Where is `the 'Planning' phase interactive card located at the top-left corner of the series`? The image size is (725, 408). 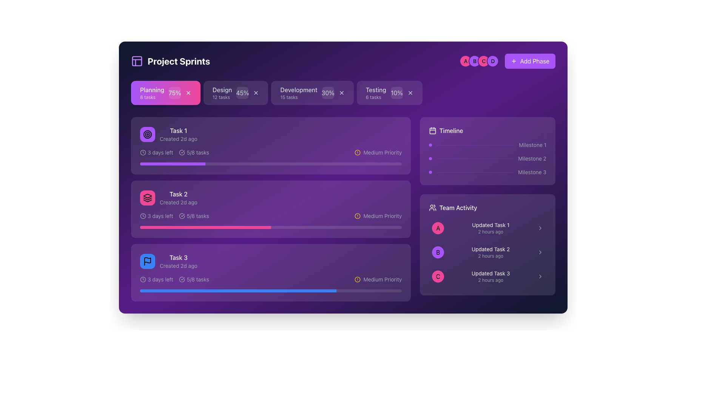
the 'Planning' phase interactive card located at the top-left corner of the series is located at coordinates (165, 93).